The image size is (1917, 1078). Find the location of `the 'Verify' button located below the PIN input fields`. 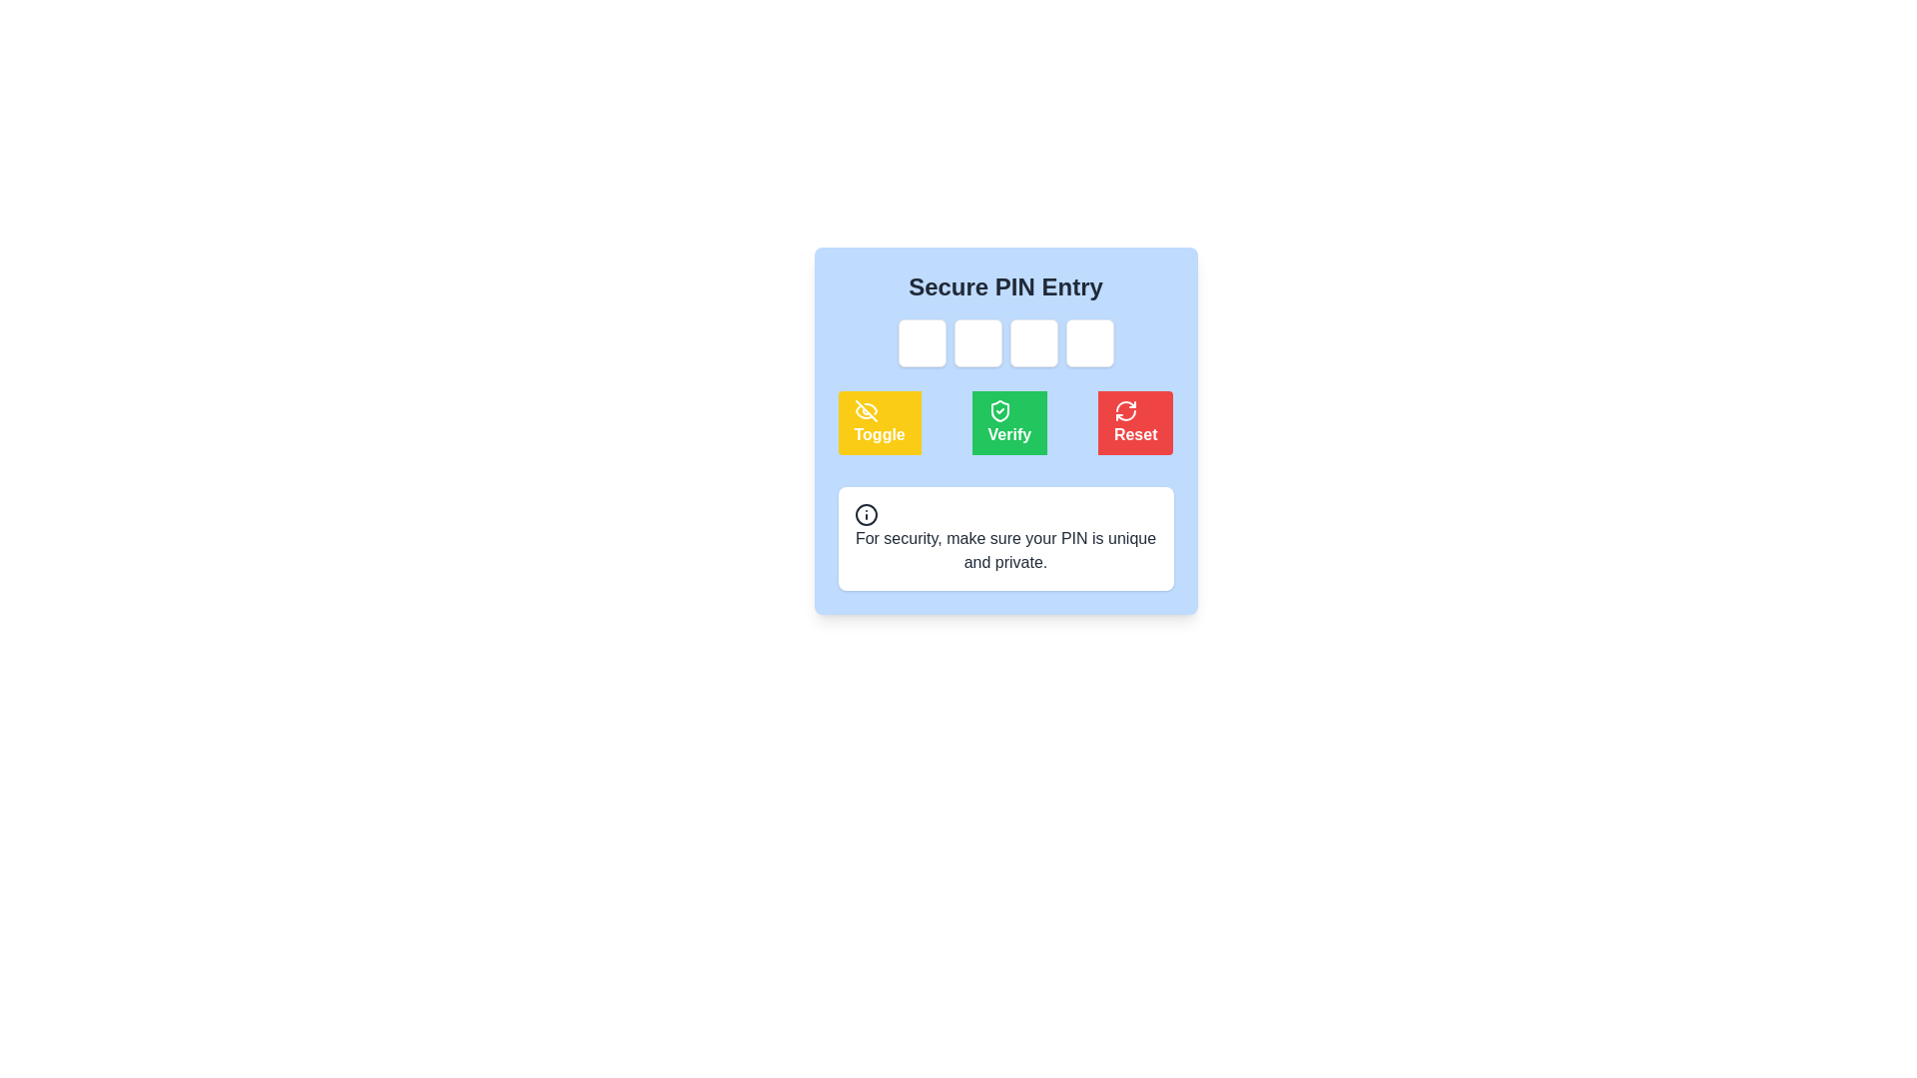

the 'Verify' button located below the PIN input fields is located at coordinates (1005, 422).